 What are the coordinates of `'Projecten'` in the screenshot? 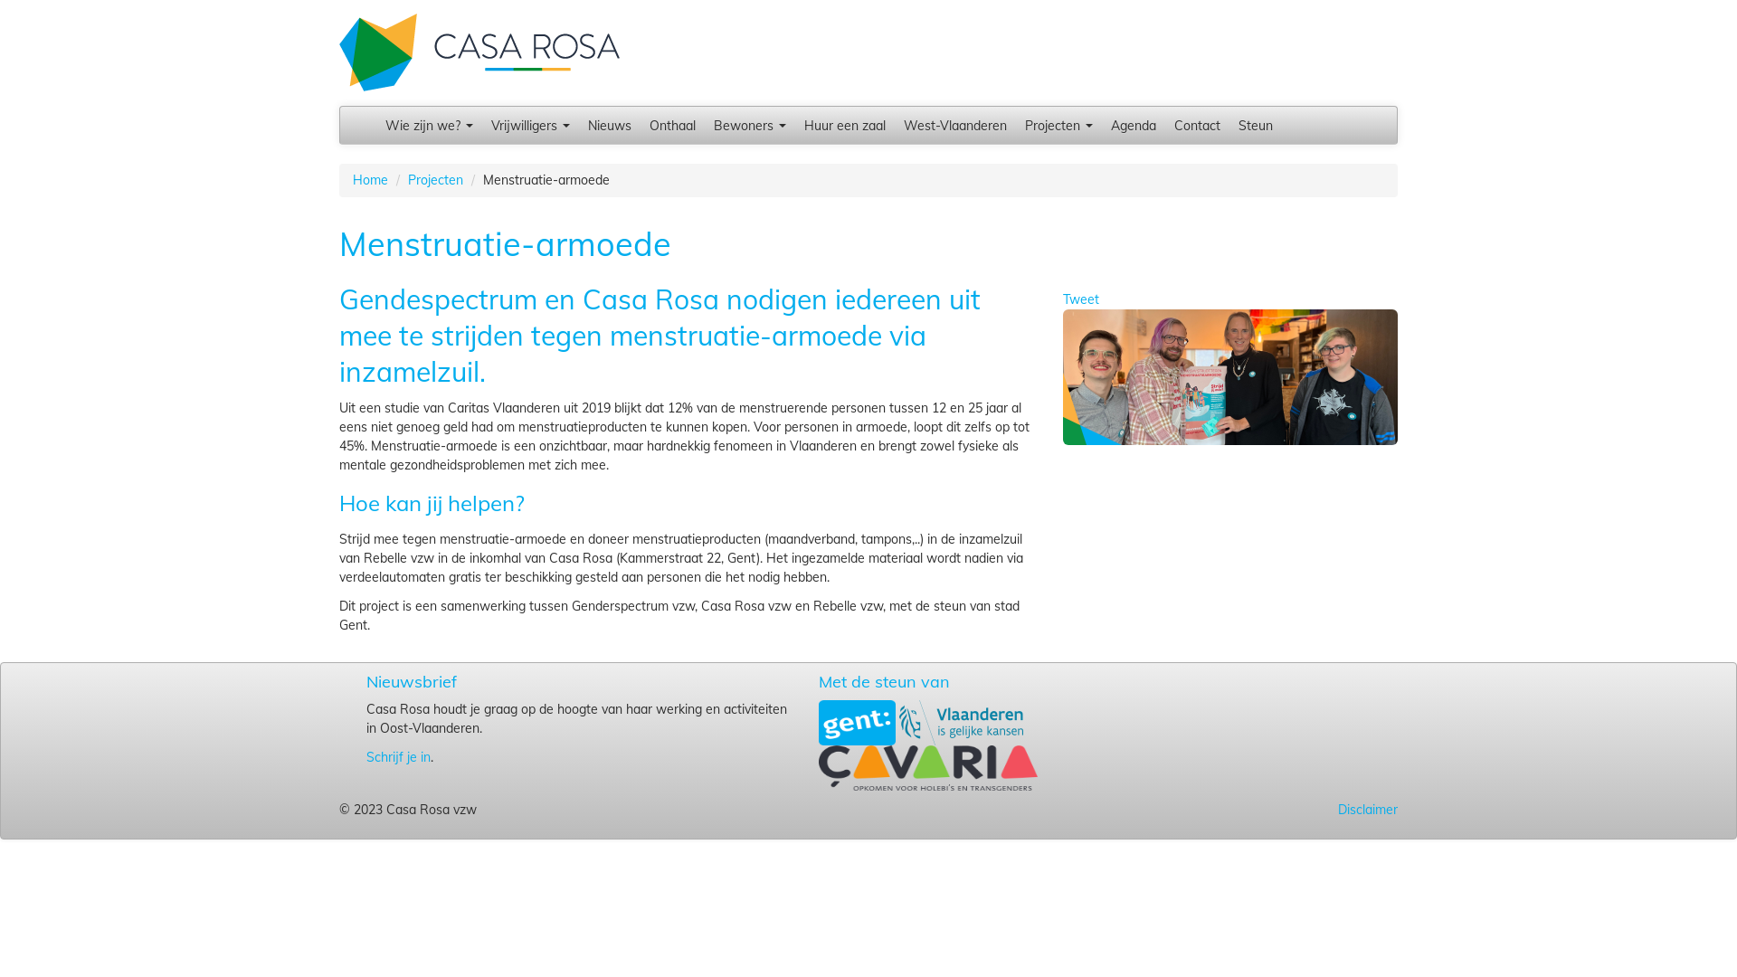 It's located at (1058, 124).